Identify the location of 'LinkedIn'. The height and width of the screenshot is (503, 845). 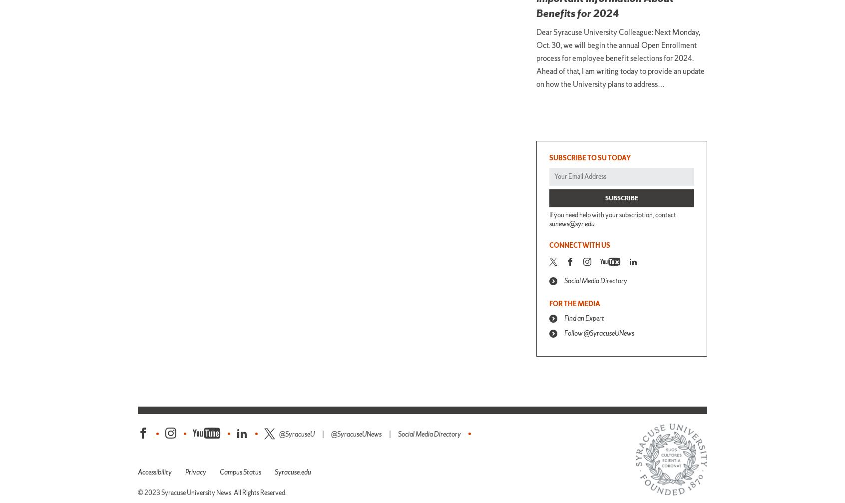
(258, 433).